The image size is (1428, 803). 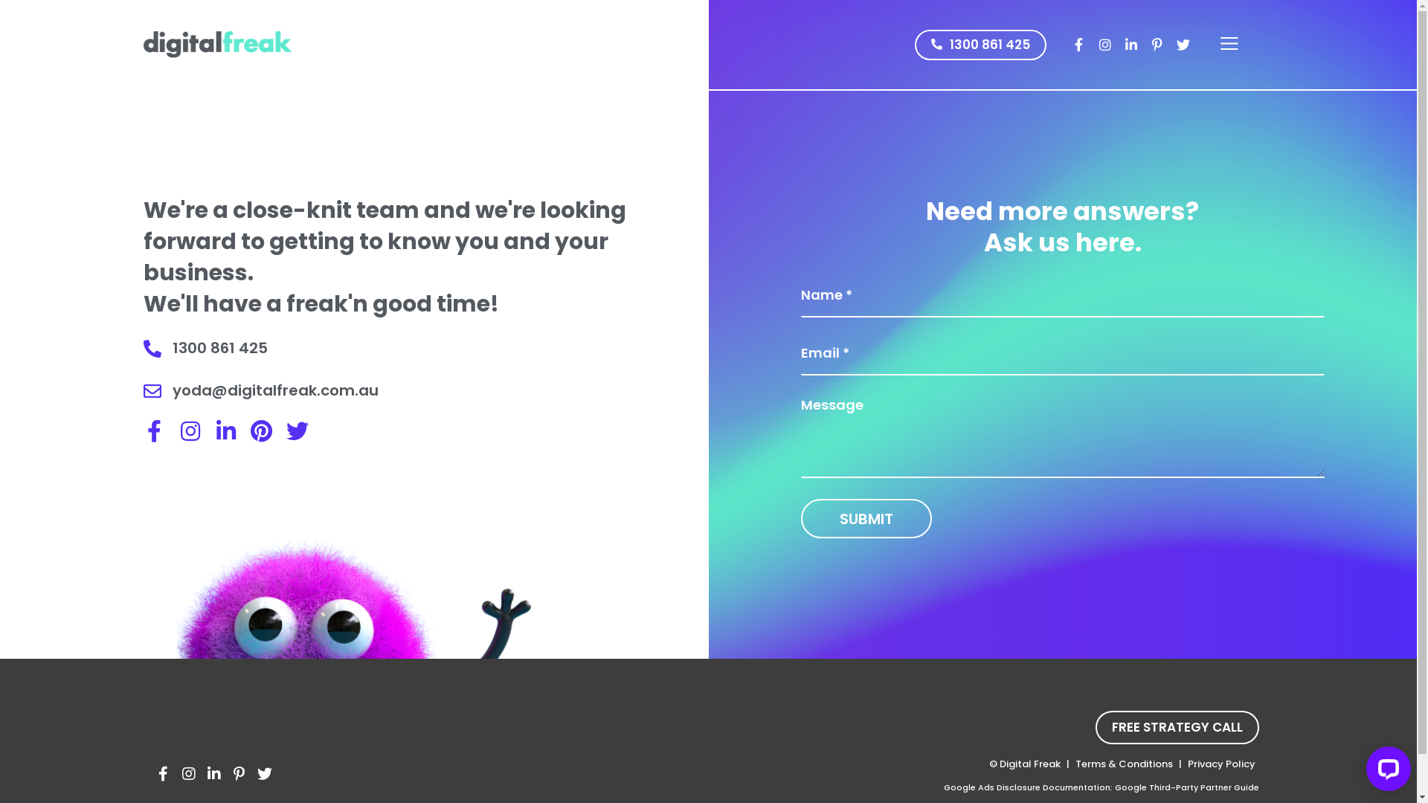 What do you see at coordinates (1123, 764) in the screenshot?
I see `'Terms & Conditions'` at bounding box center [1123, 764].